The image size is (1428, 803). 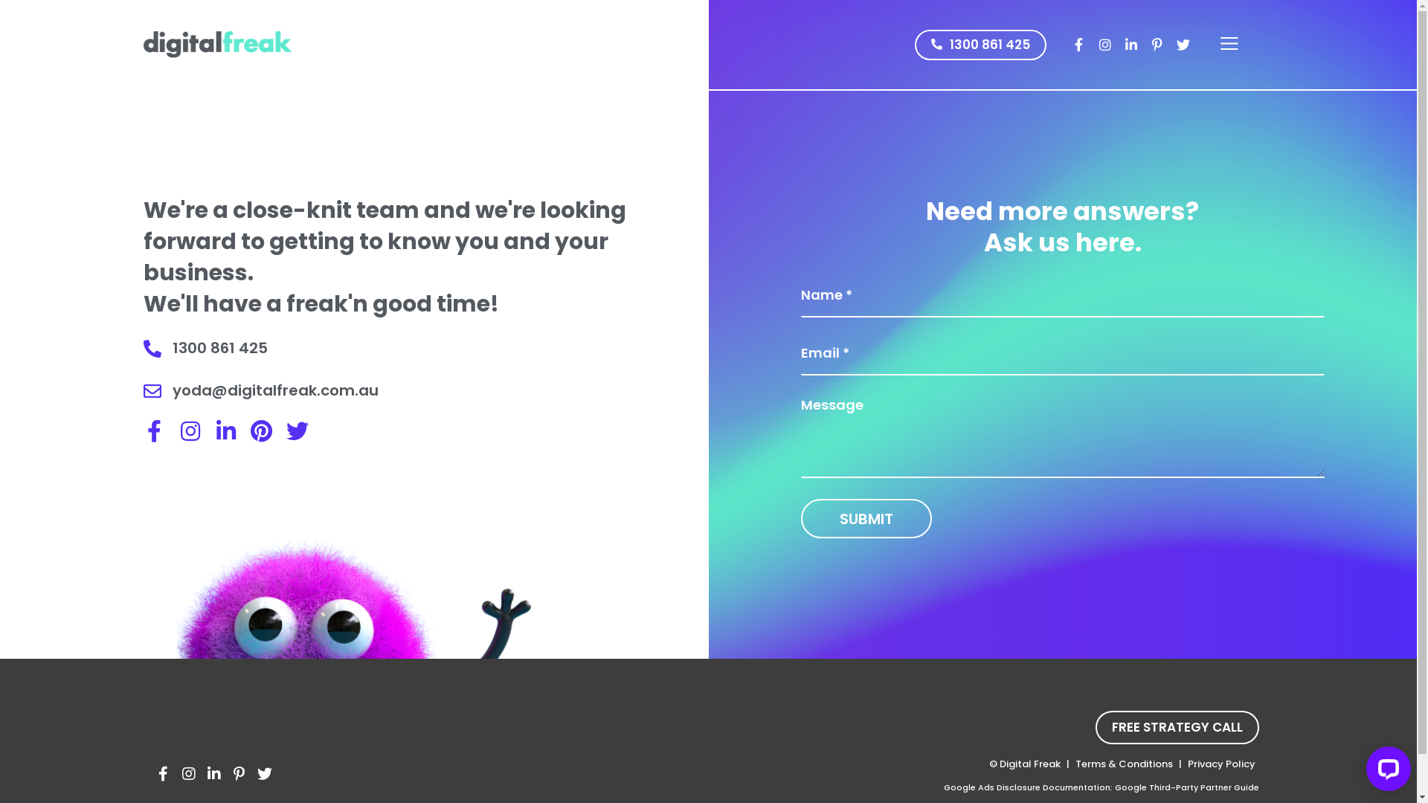 What do you see at coordinates (1123, 764) in the screenshot?
I see `'Terms & Conditions'` at bounding box center [1123, 764].